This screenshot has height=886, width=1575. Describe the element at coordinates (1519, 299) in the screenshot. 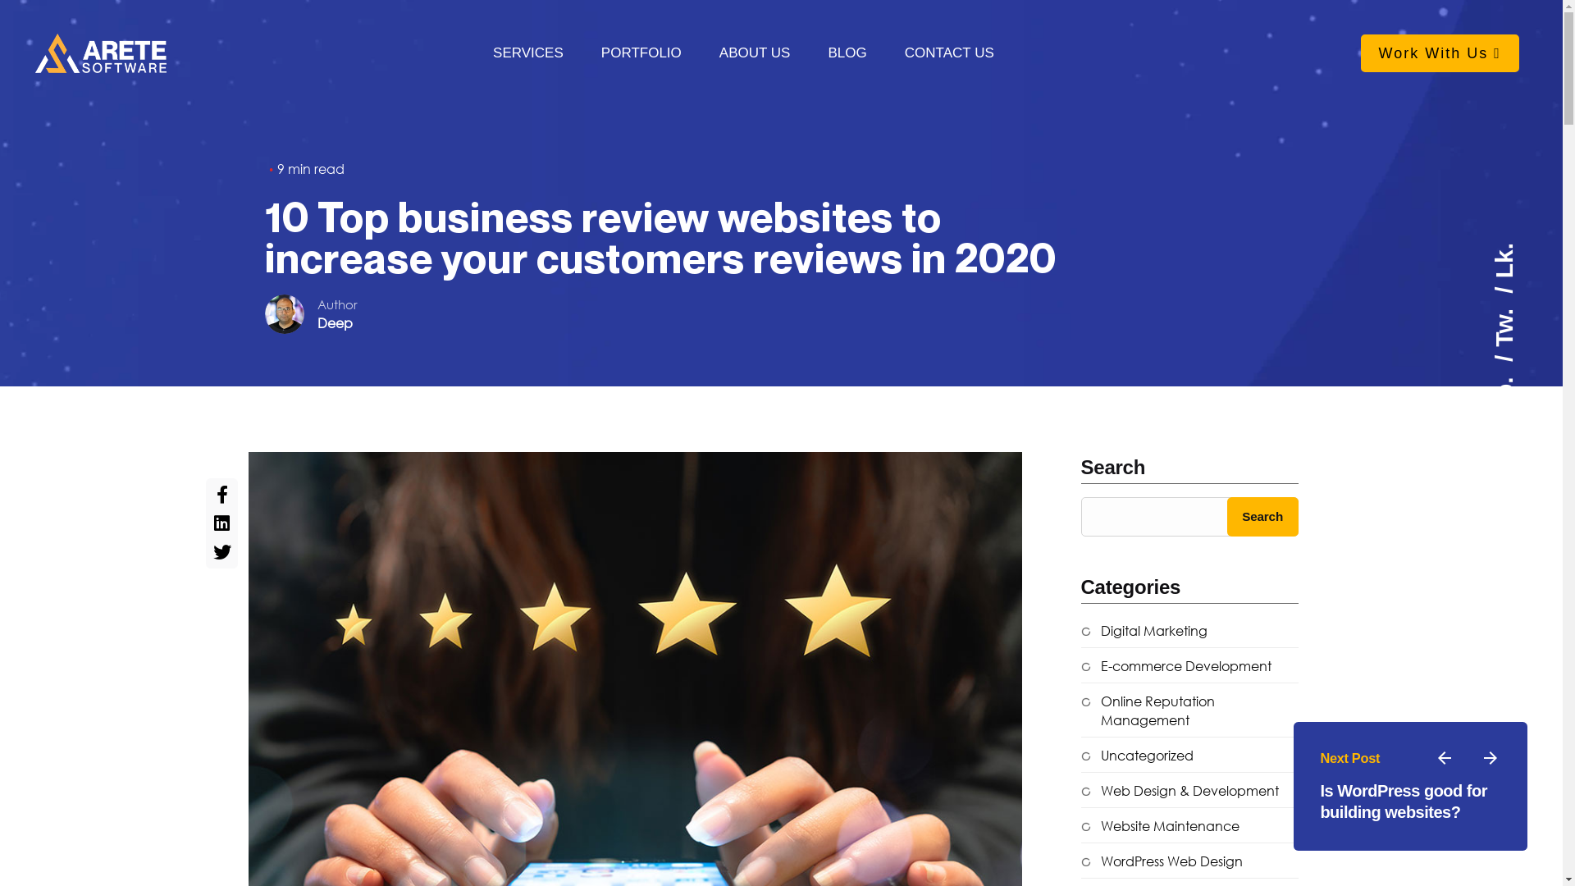

I see `'Tw.'` at that location.